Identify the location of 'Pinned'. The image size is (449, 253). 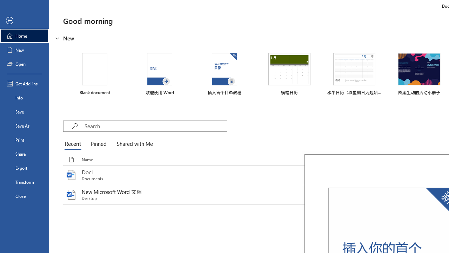
(98, 144).